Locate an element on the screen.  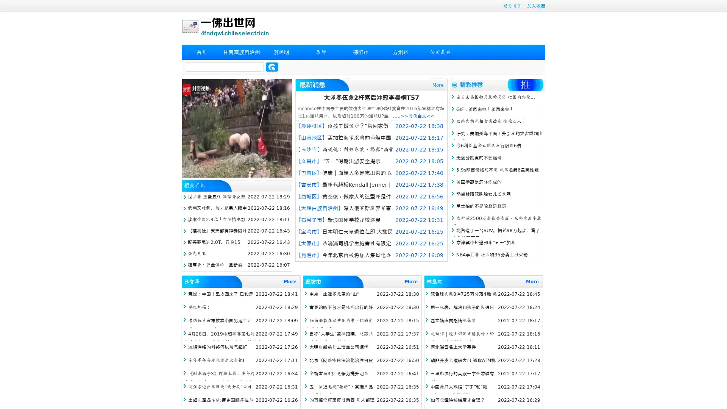
Search is located at coordinates (272, 67).